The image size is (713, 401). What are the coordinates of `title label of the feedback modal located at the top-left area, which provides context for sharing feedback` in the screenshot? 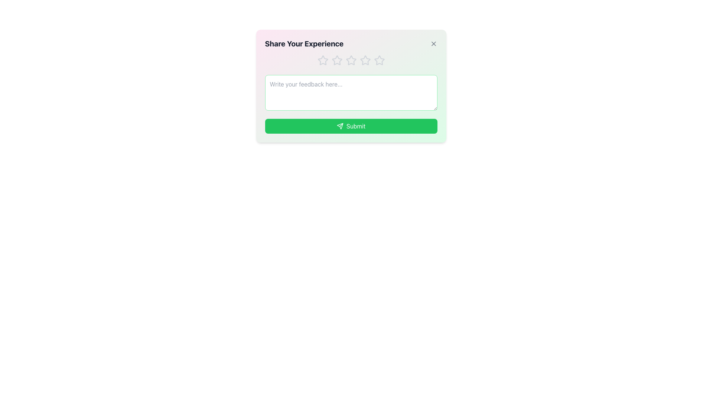 It's located at (304, 44).